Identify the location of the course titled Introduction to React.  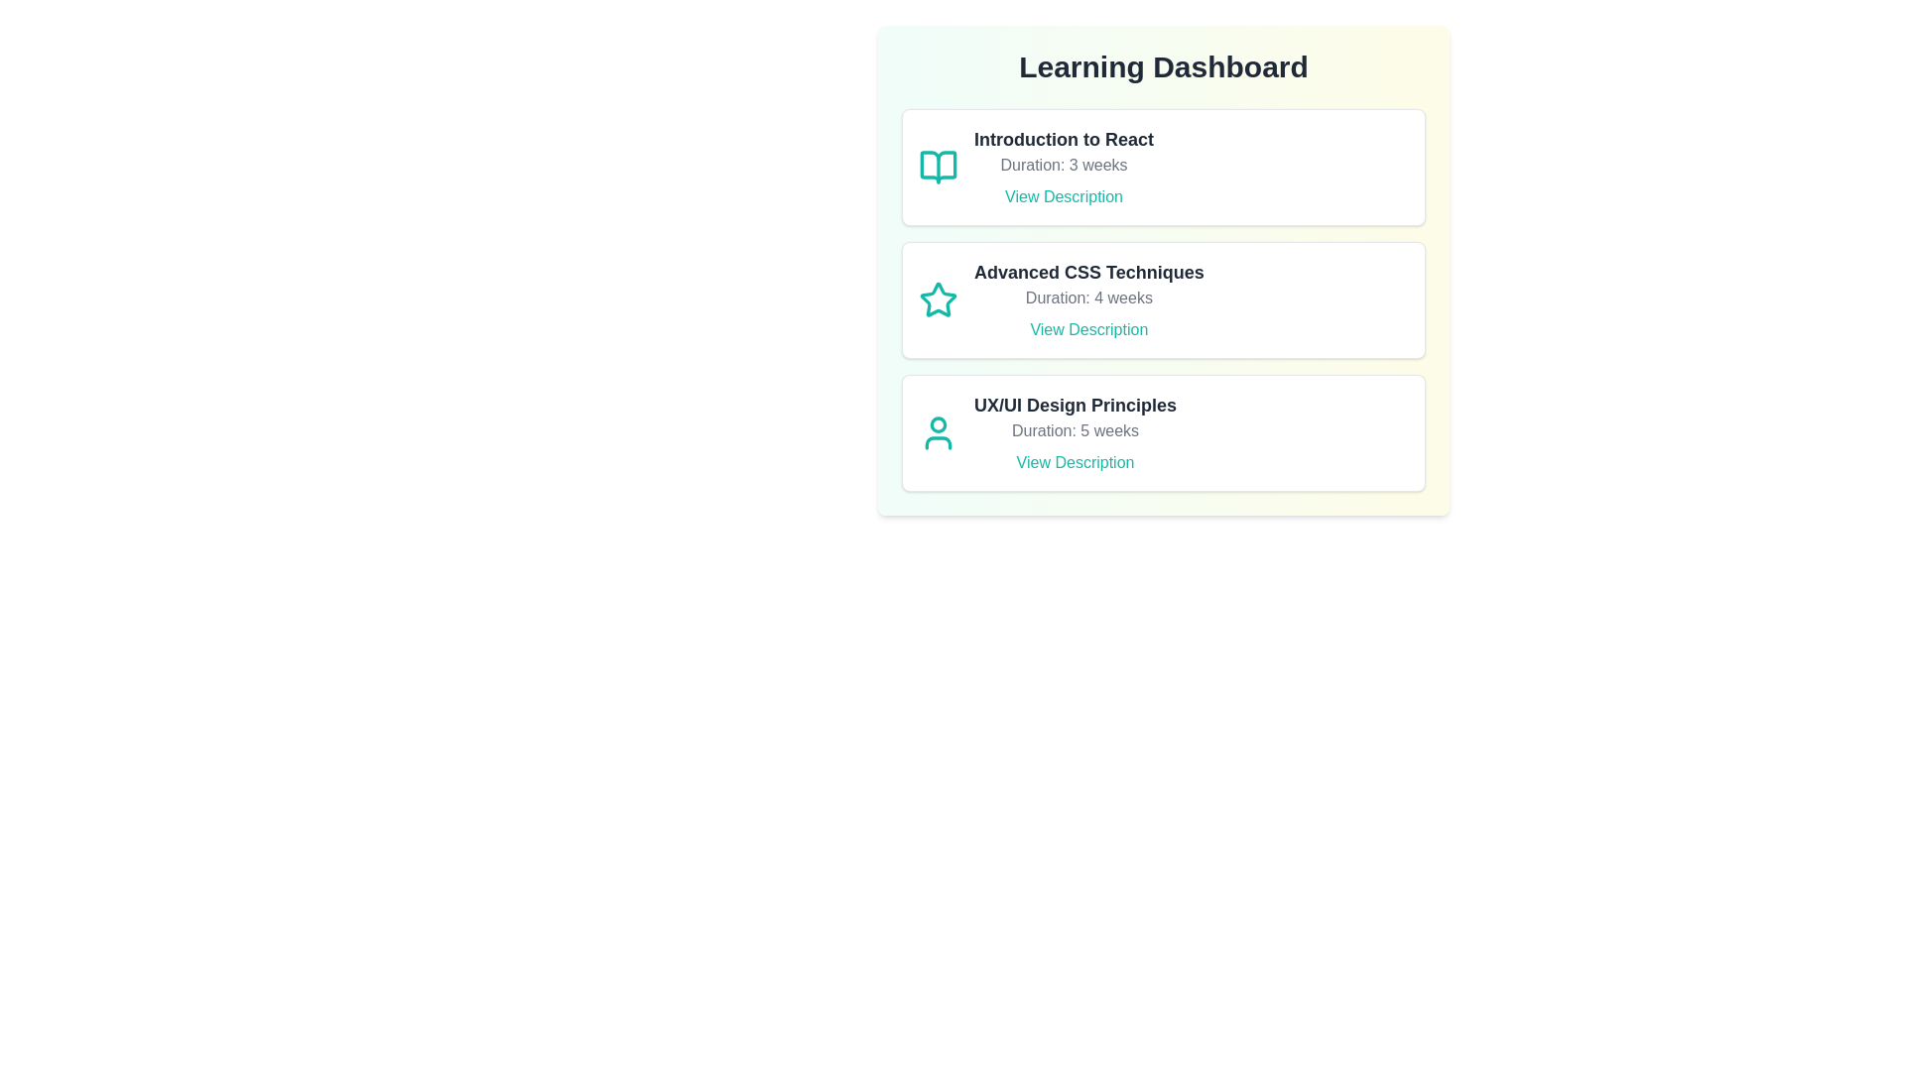
(1163, 167).